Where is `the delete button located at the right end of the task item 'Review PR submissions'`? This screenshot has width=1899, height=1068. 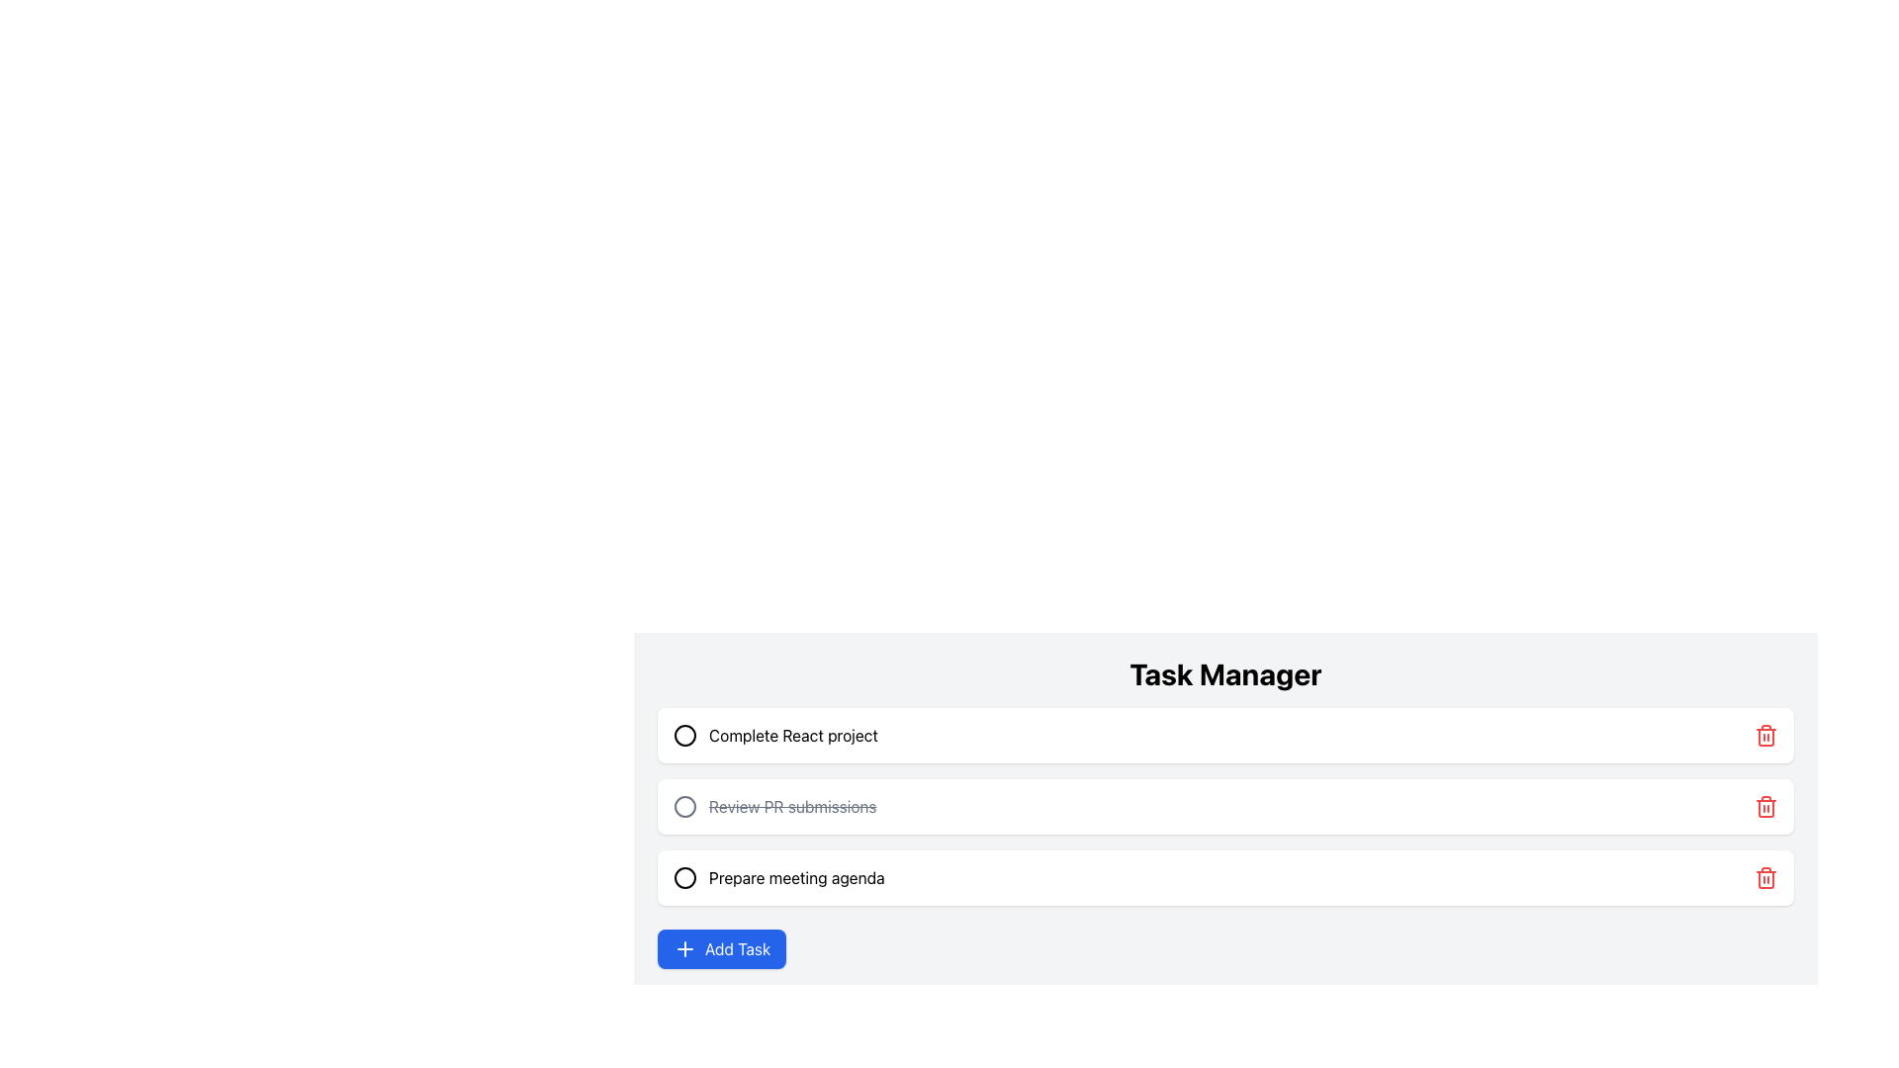
the delete button located at the right end of the task item 'Review PR submissions' is located at coordinates (1765, 807).